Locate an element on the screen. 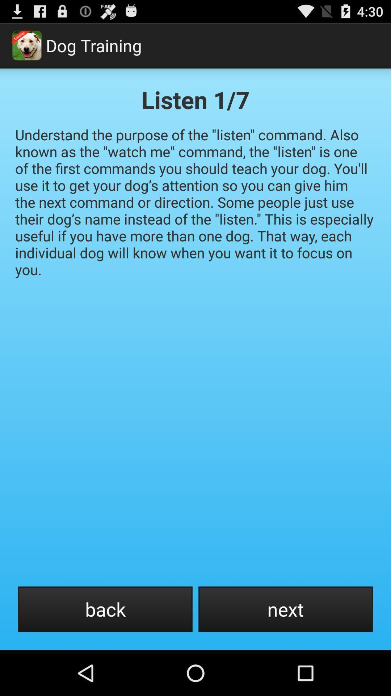 The image size is (391, 696). icon to the right of the back item is located at coordinates (285, 609).